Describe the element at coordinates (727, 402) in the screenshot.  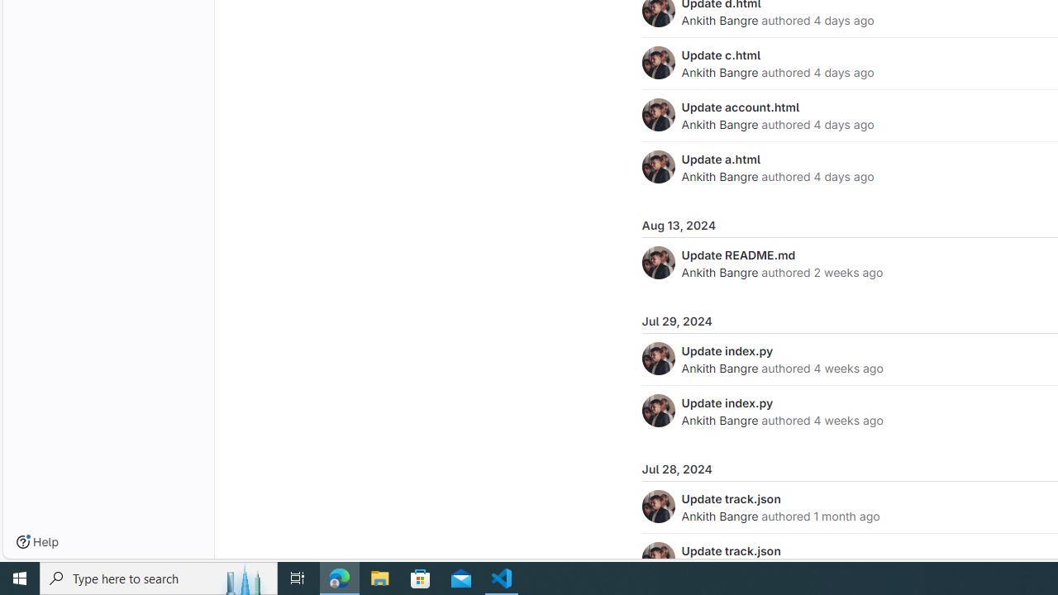
I see `'Update index.py'` at that location.